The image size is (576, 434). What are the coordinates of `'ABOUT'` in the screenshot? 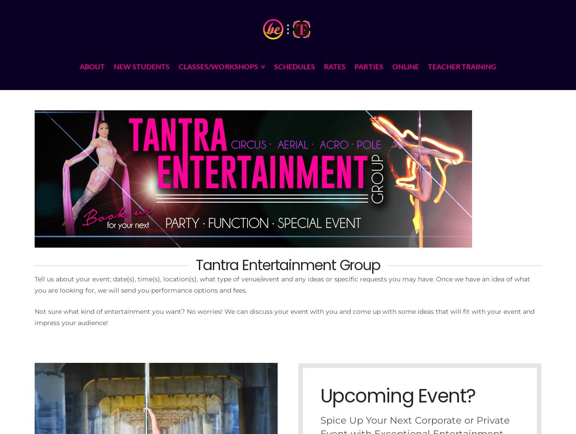 It's located at (92, 66).